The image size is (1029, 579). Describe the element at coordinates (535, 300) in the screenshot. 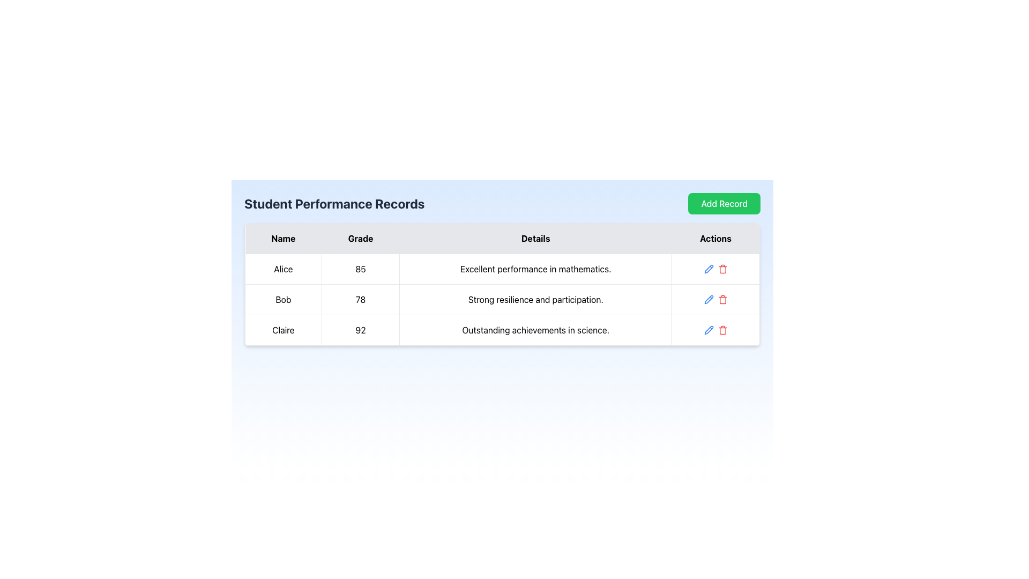

I see `the static text element in the second row of the table, located in the third column under 'Details', adjacent to '78' in the 'Grade' column and action icons on the right` at that location.